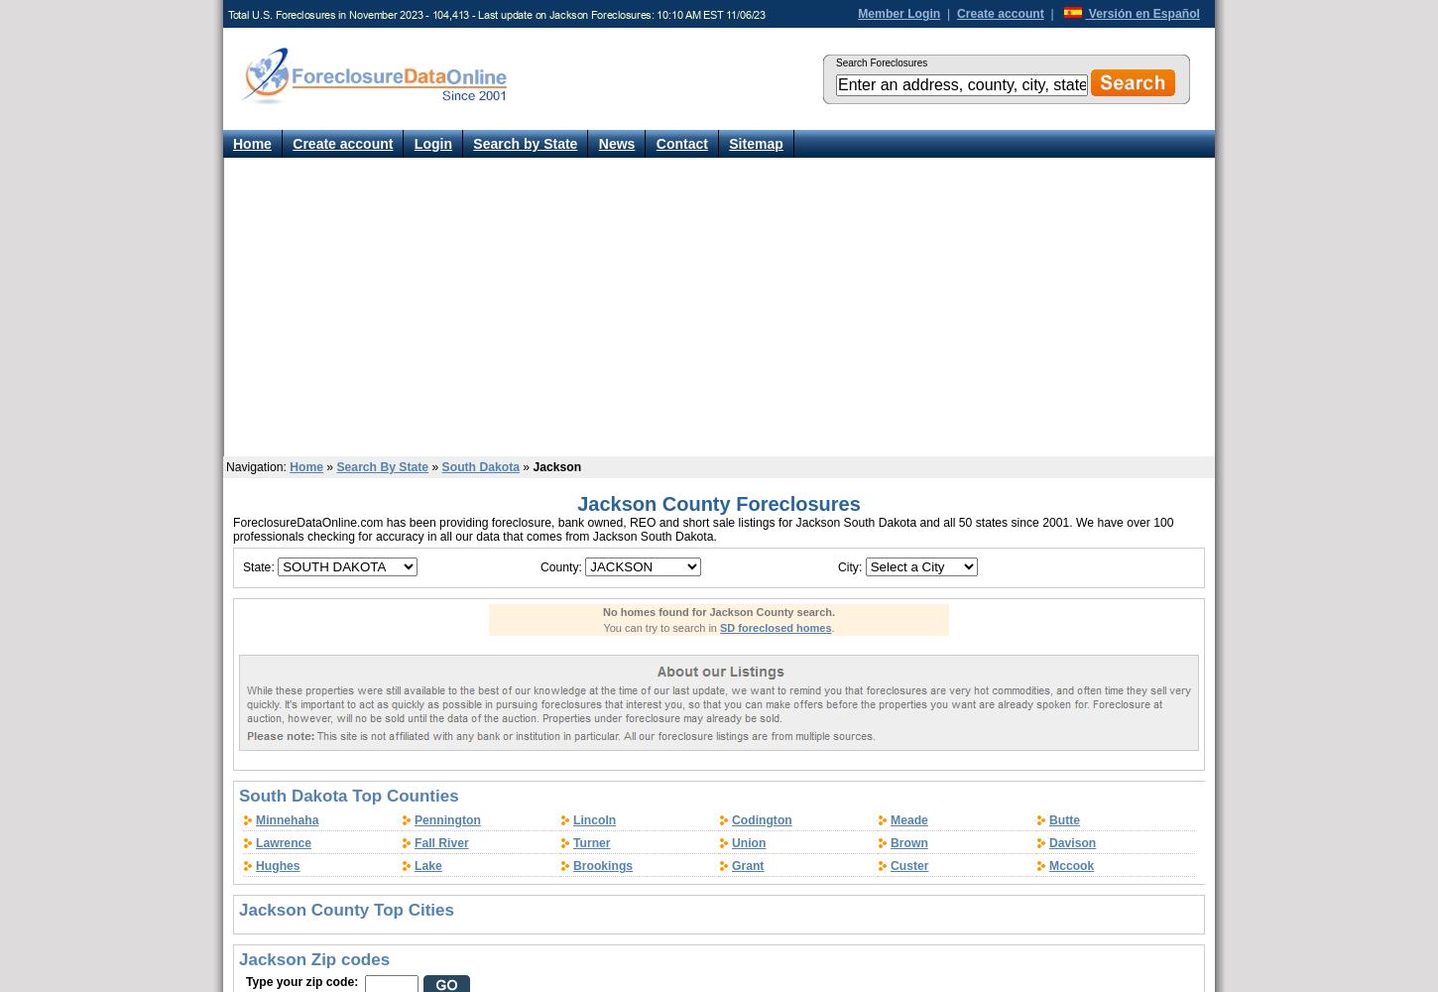 The height and width of the screenshot is (992, 1438). Describe the element at coordinates (732, 819) in the screenshot. I see `'Codington'` at that location.